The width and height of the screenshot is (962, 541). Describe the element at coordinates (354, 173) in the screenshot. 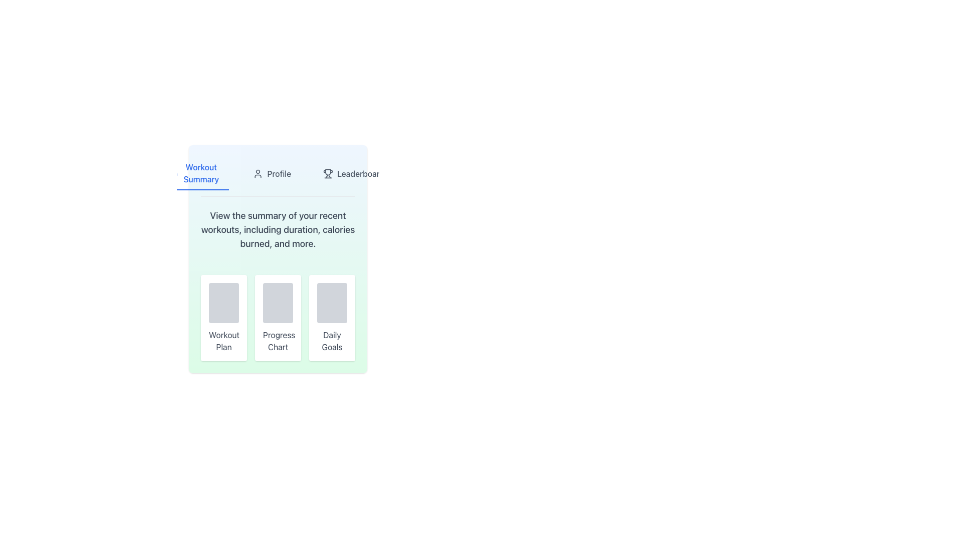

I see `the Navigation Button labeled 'Leaderboard' in the horizontal menu` at that location.